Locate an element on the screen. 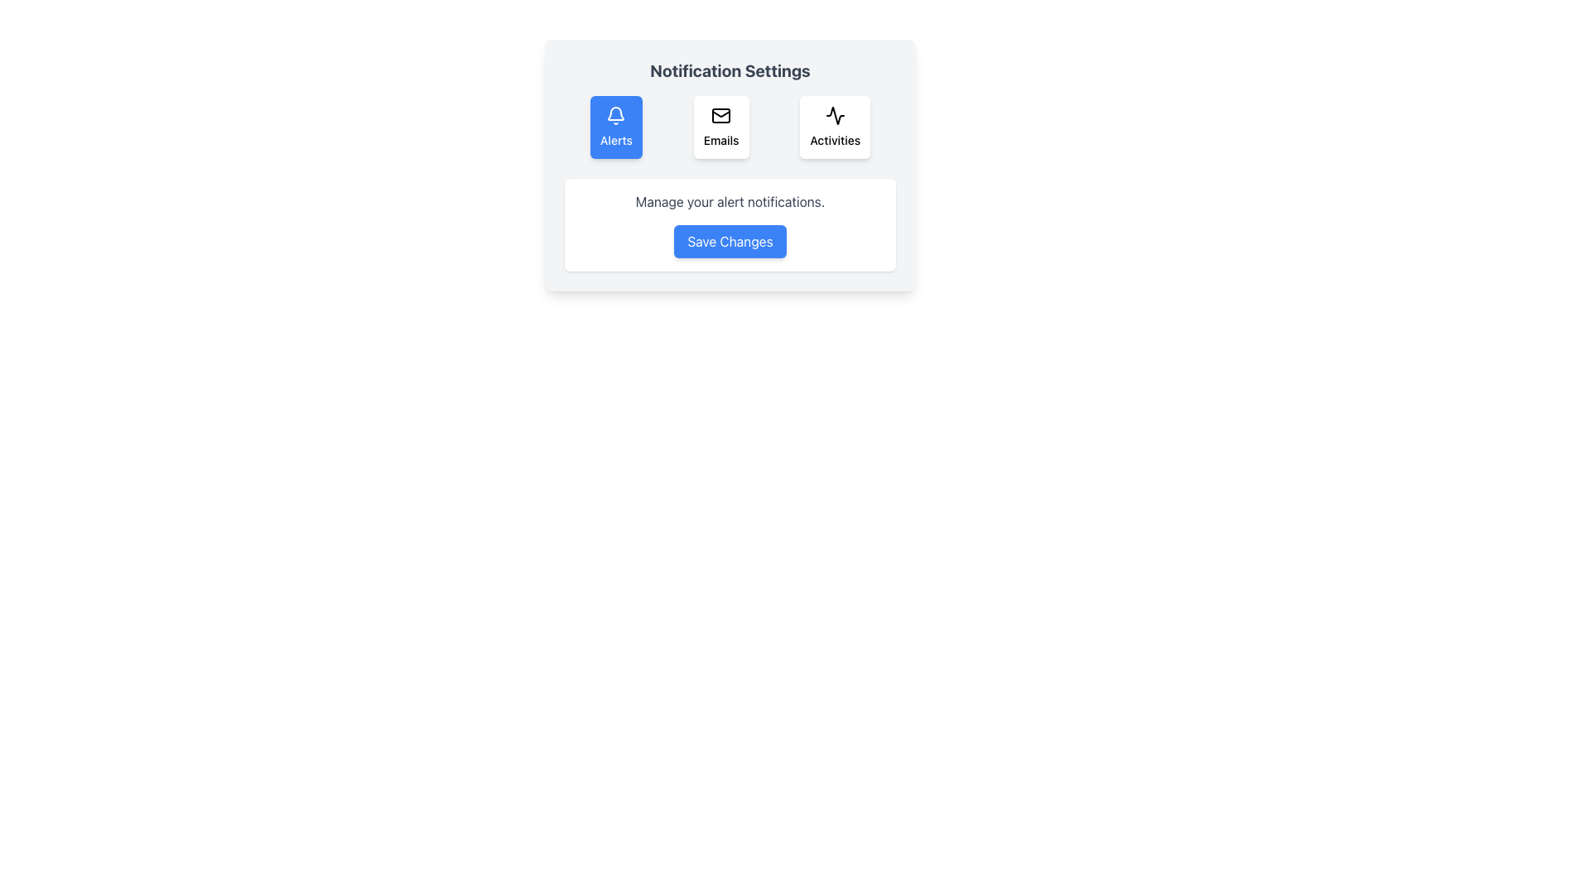 The height and width of the screenshot is (894, 1590). the SVG graphic part of the 'Emails' icon in the 'Notification Settings' interface is located at coordinates (721, 113).